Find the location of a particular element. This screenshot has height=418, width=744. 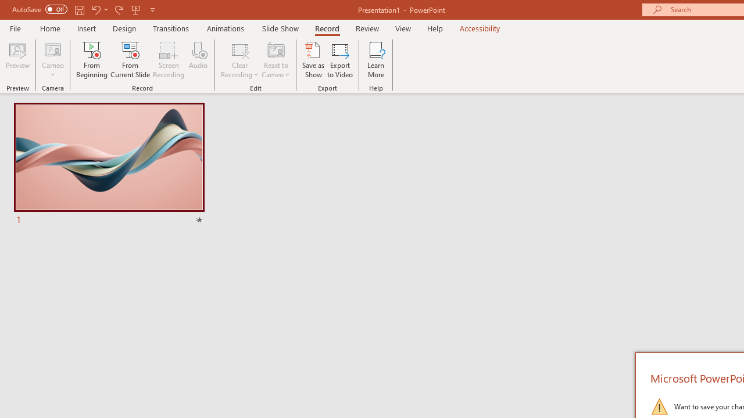

'Warning Icon' is located at coordinates (659, 405).